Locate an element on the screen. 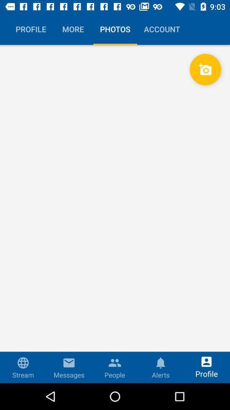  item below the profile icon is located at coordinates (115, 214).